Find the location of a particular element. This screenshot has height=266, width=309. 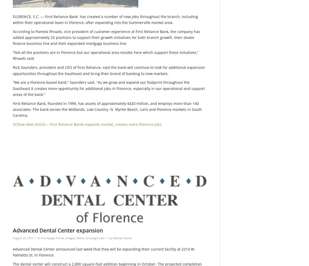

'Frontpage Article' is located at coordinates (52, 237).